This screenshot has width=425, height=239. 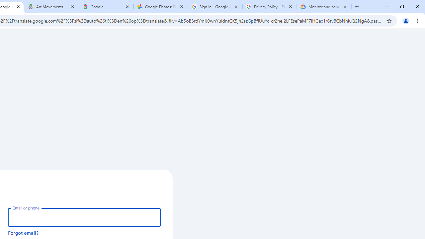 What do you see at coordinates (106, 7) in the screenshot?
I see `'Google'` at bounding box center [106, 7].